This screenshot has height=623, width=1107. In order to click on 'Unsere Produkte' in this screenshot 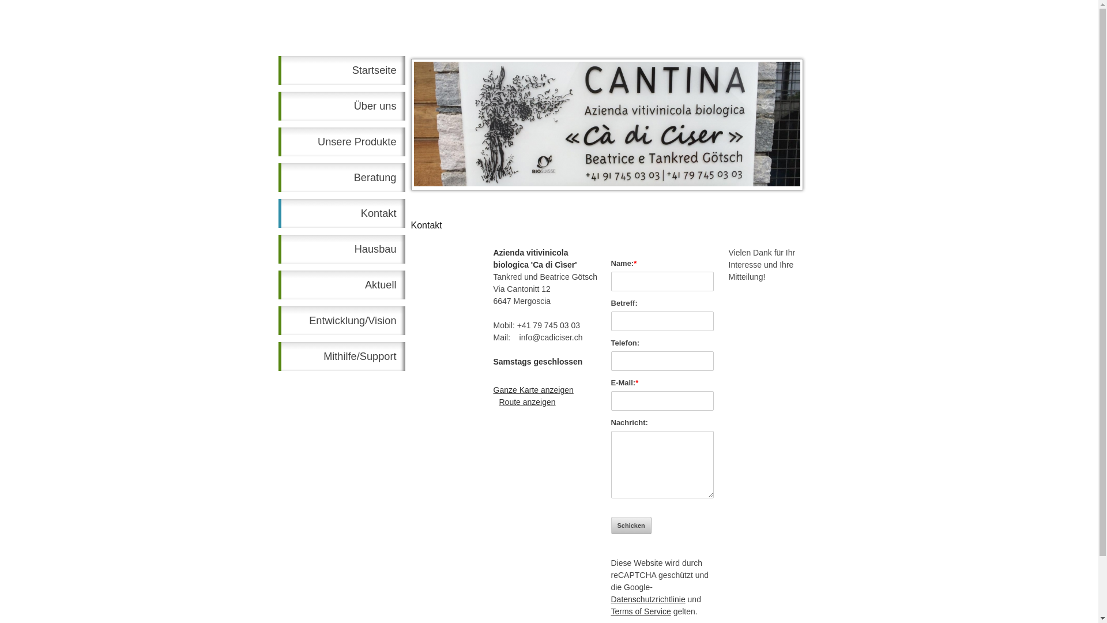, I will do `click(340, 141)`.